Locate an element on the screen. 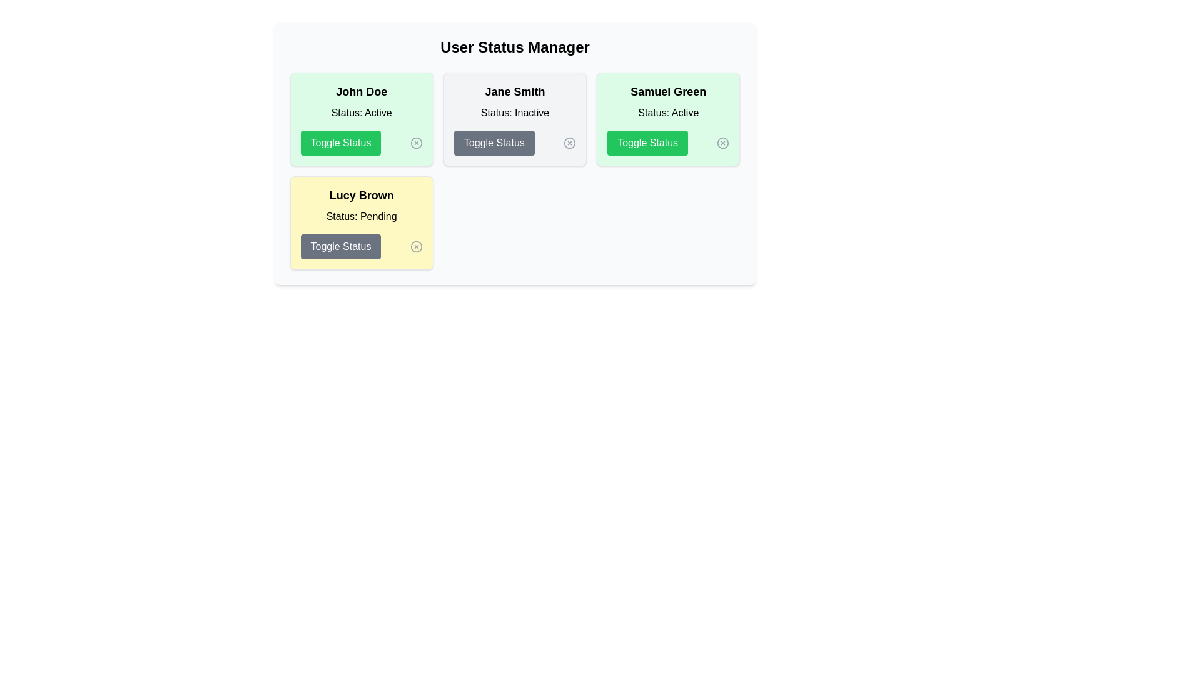 The width and height of the screenshot is (1201, 675). the 'XCircle' icon next to the user Samuel Green is located at coordinates (723, 142).